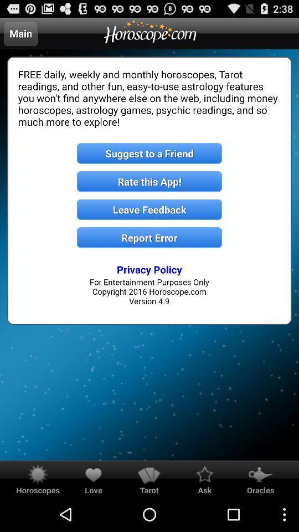 This screenshot has height=532, width=299. I want to click on app above free daily weekly, so click(20, 33).